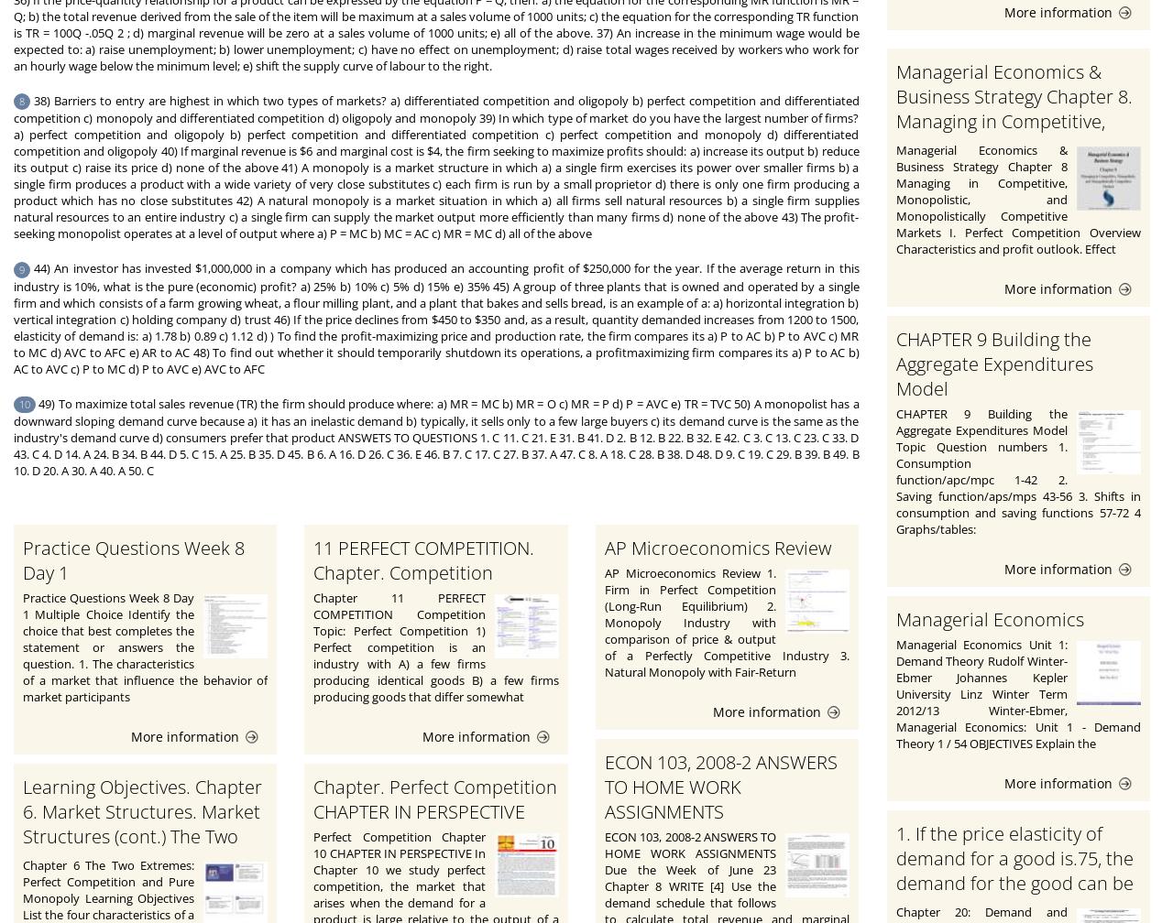 This screenshot has height=923, width=1173. I want to click on '38) Barriers to entry are highest in which two types of markets? a) differentiated competition and oligopoly b) perfect competition and differentiated competition c) monopoly and differentiated competition d) oligopoly and monopoly 39) In which type of market do you have the largest number of firms? a) perfect competition and oligopoly b) perfect competition and differentiated competition c) perfect competition and monopoly d) differentiated competition and oligopoly 40) If marginal revenue is $6 and marginal cost is $4, the firm seeking to maximize profits should: a) increase its output b) reduce its output c) raise its price d) none of the above 41) A monopoly is a market structure in which a) a single firm exercises its power over smaller firms b) a single firm produces a product with a wide variety of very close substitutes c) each firm is run by a small proprietor d) there is only one firm producing a product which has no close substitutes 42) A natural monopoly is a market situation in which a) all firms sell natural resources b) a single firm supplies natural resources to an entire industry c) a single firm can supply the market output more efficiently than many firms d) none of the above 43) The profit-seeking monopolist operates at a level of output where a) P = MC b) MC = AC c) MR = MC d) all of the above', so click(435, 167).